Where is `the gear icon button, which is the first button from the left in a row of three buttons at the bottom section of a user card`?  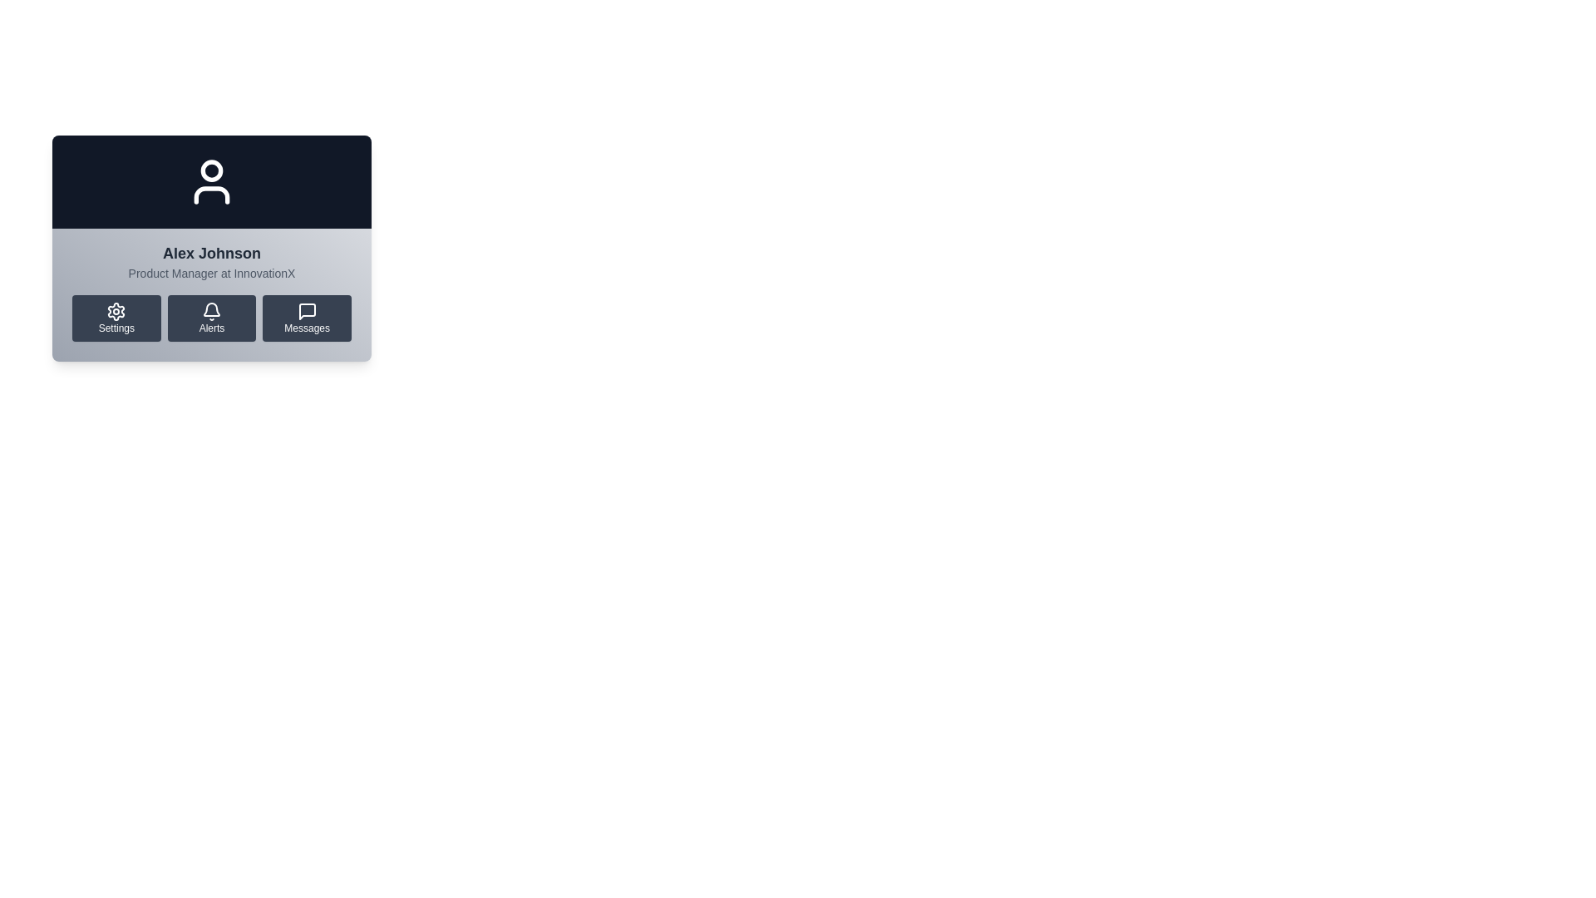 the gear icon button, which is the first button from the left in a row of three buttons at the bottom section of a user card is located at coordinates (116, 311).